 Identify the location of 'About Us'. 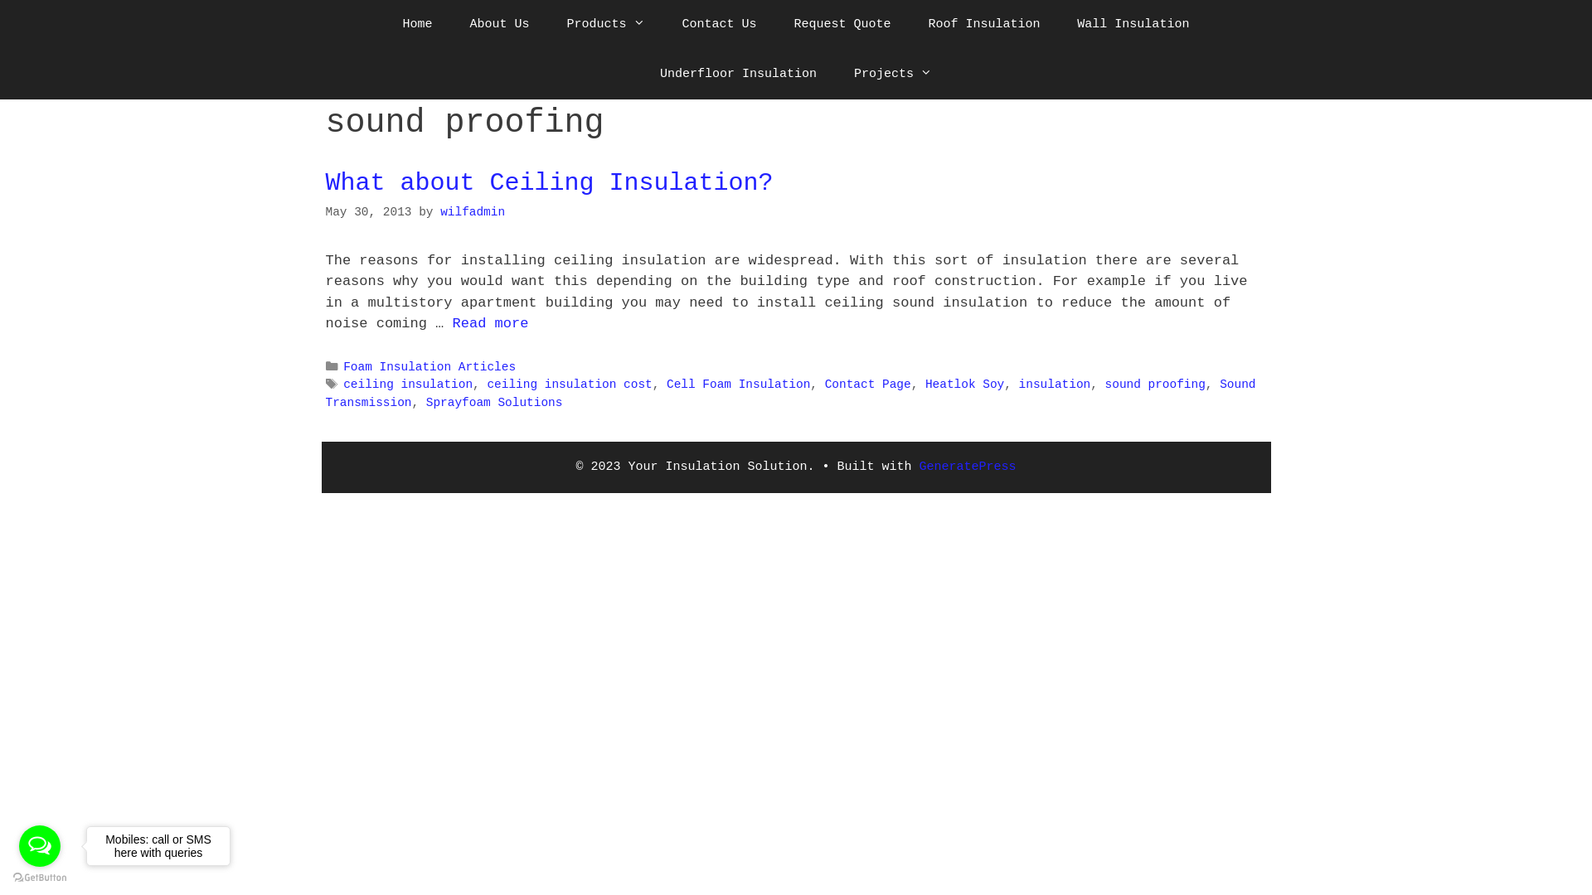
(499, 25).